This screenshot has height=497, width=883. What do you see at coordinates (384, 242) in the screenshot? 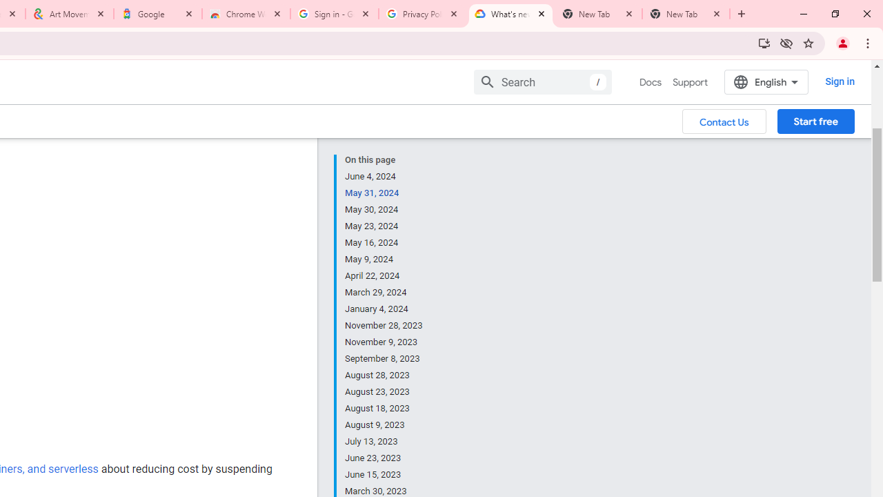
I see `'May 16, 2024'` at bounding box center [384, 242].